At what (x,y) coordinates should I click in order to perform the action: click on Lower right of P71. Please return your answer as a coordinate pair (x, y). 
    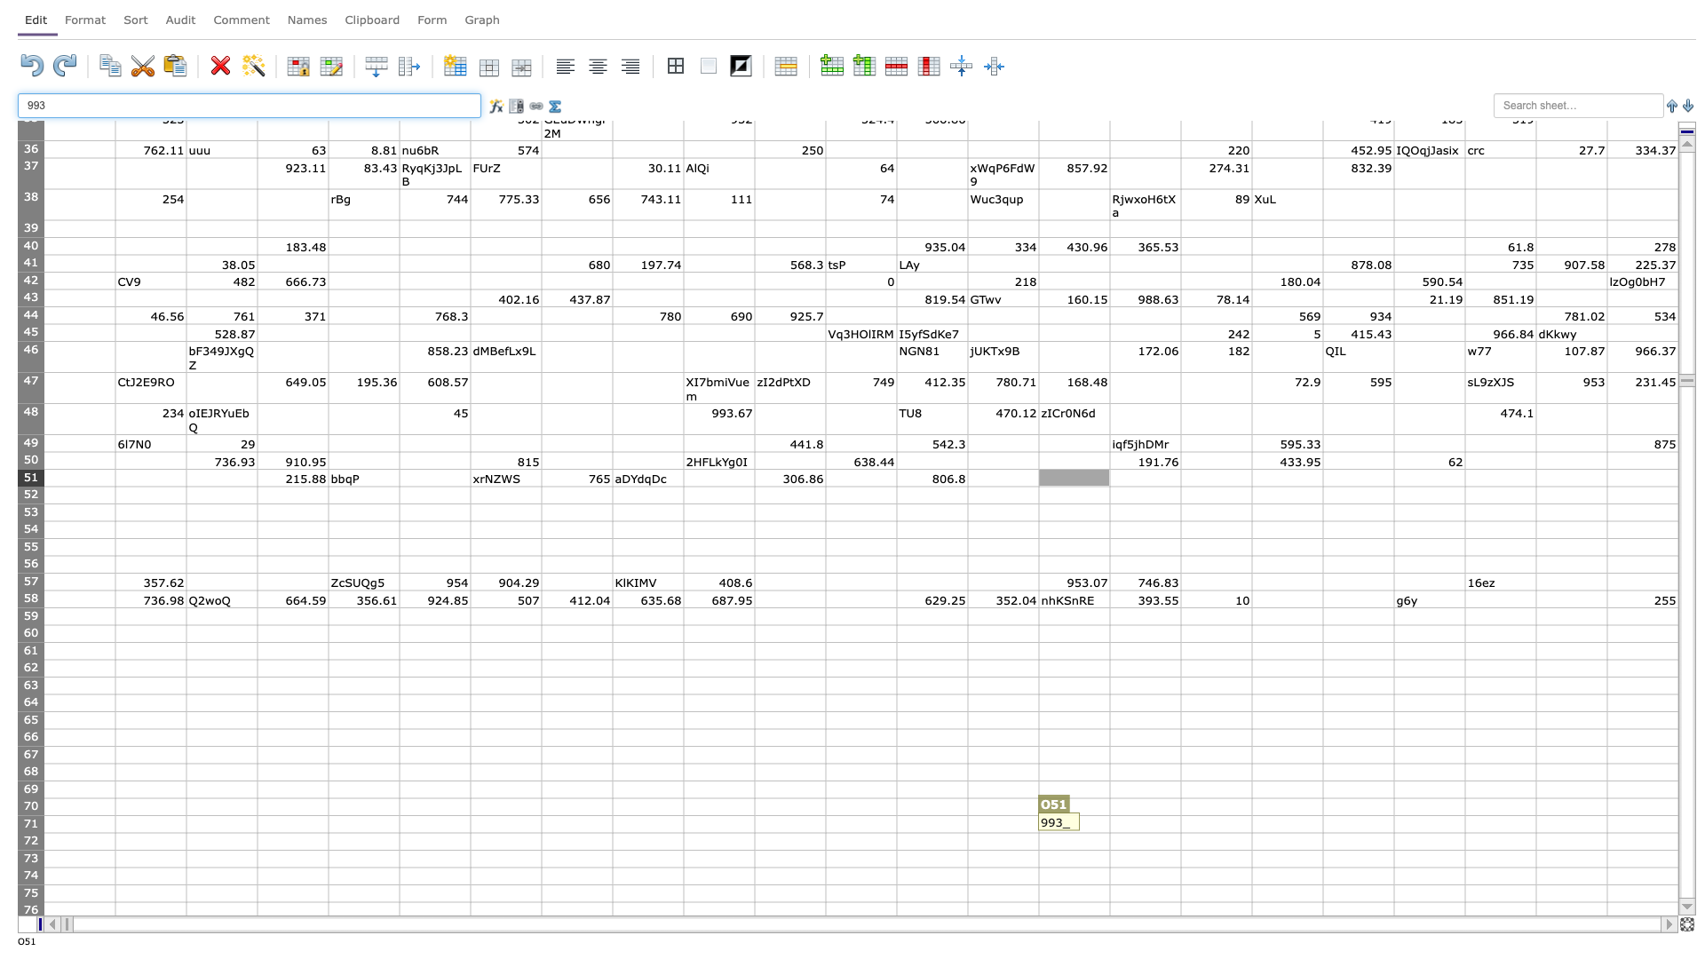
    Looking at the image, I should click on (1180, 832).